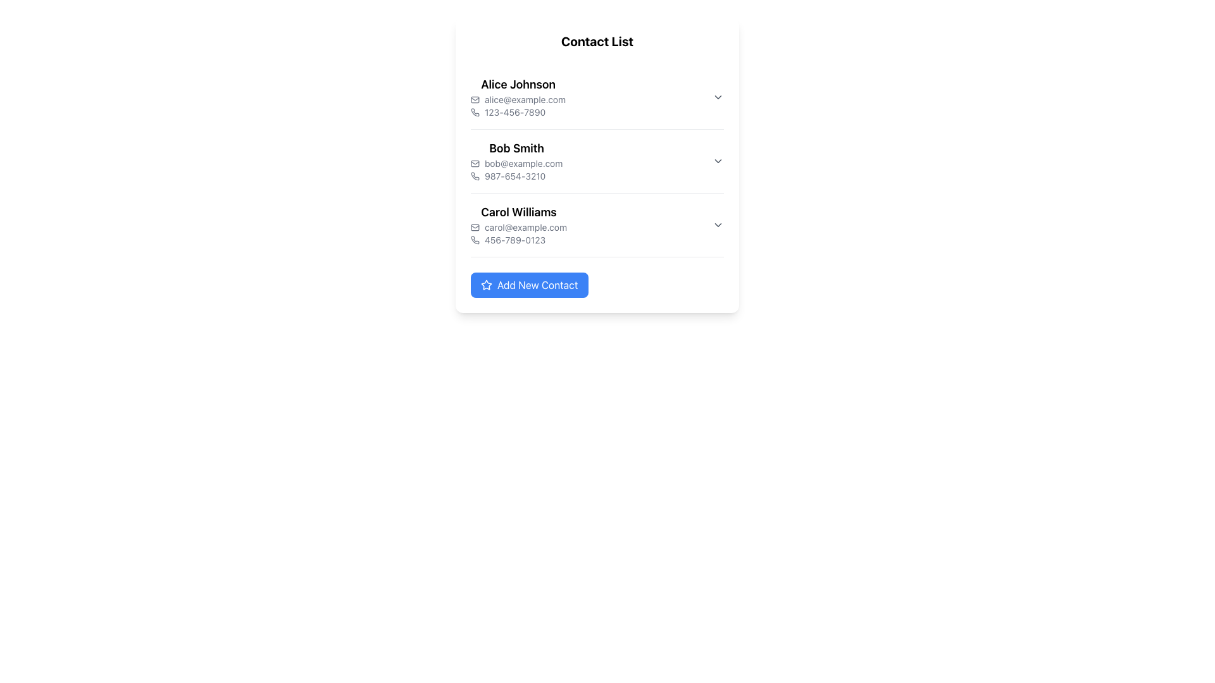 The image size is (1215, 683). Describe the element at coordinates (474, 176) in the screenshot. I see `the phone icon represented as a simple wireframe graphic, located to the left of the phone number '987-654-3210' in the contact list for 'Bob Smith'` at that location.